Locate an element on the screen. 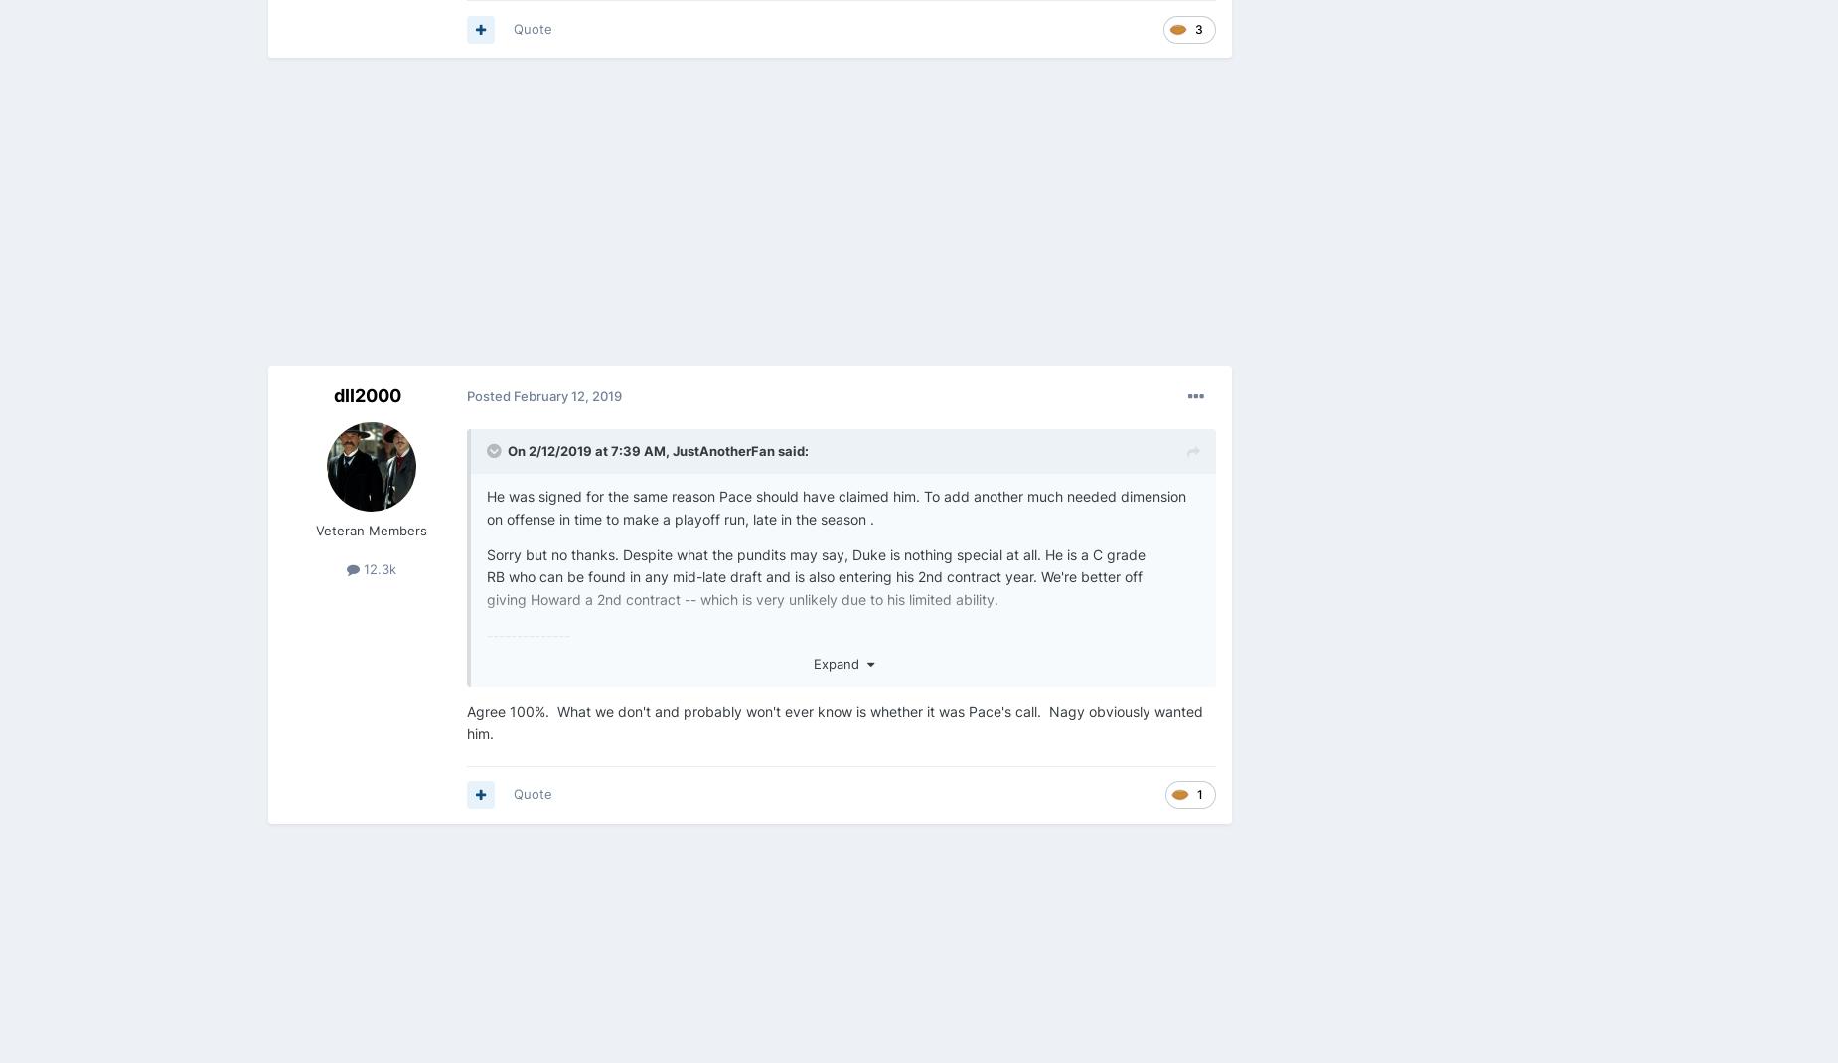  '--Goal line back: Hunt/Howard' is located at coordinates (585, 1038).